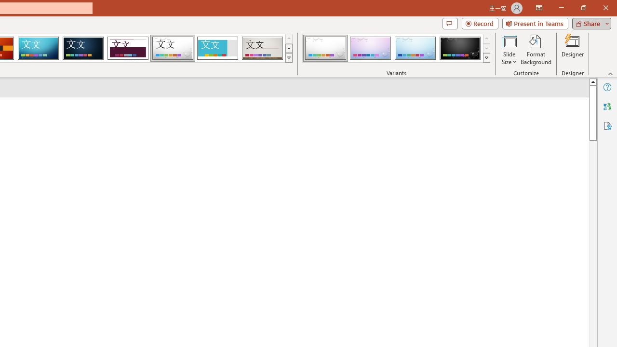 This screenshot has height=347, width=617. Describe the element at coordinates (83, 48) in the screenshot. I see `'Damask'` at that location.